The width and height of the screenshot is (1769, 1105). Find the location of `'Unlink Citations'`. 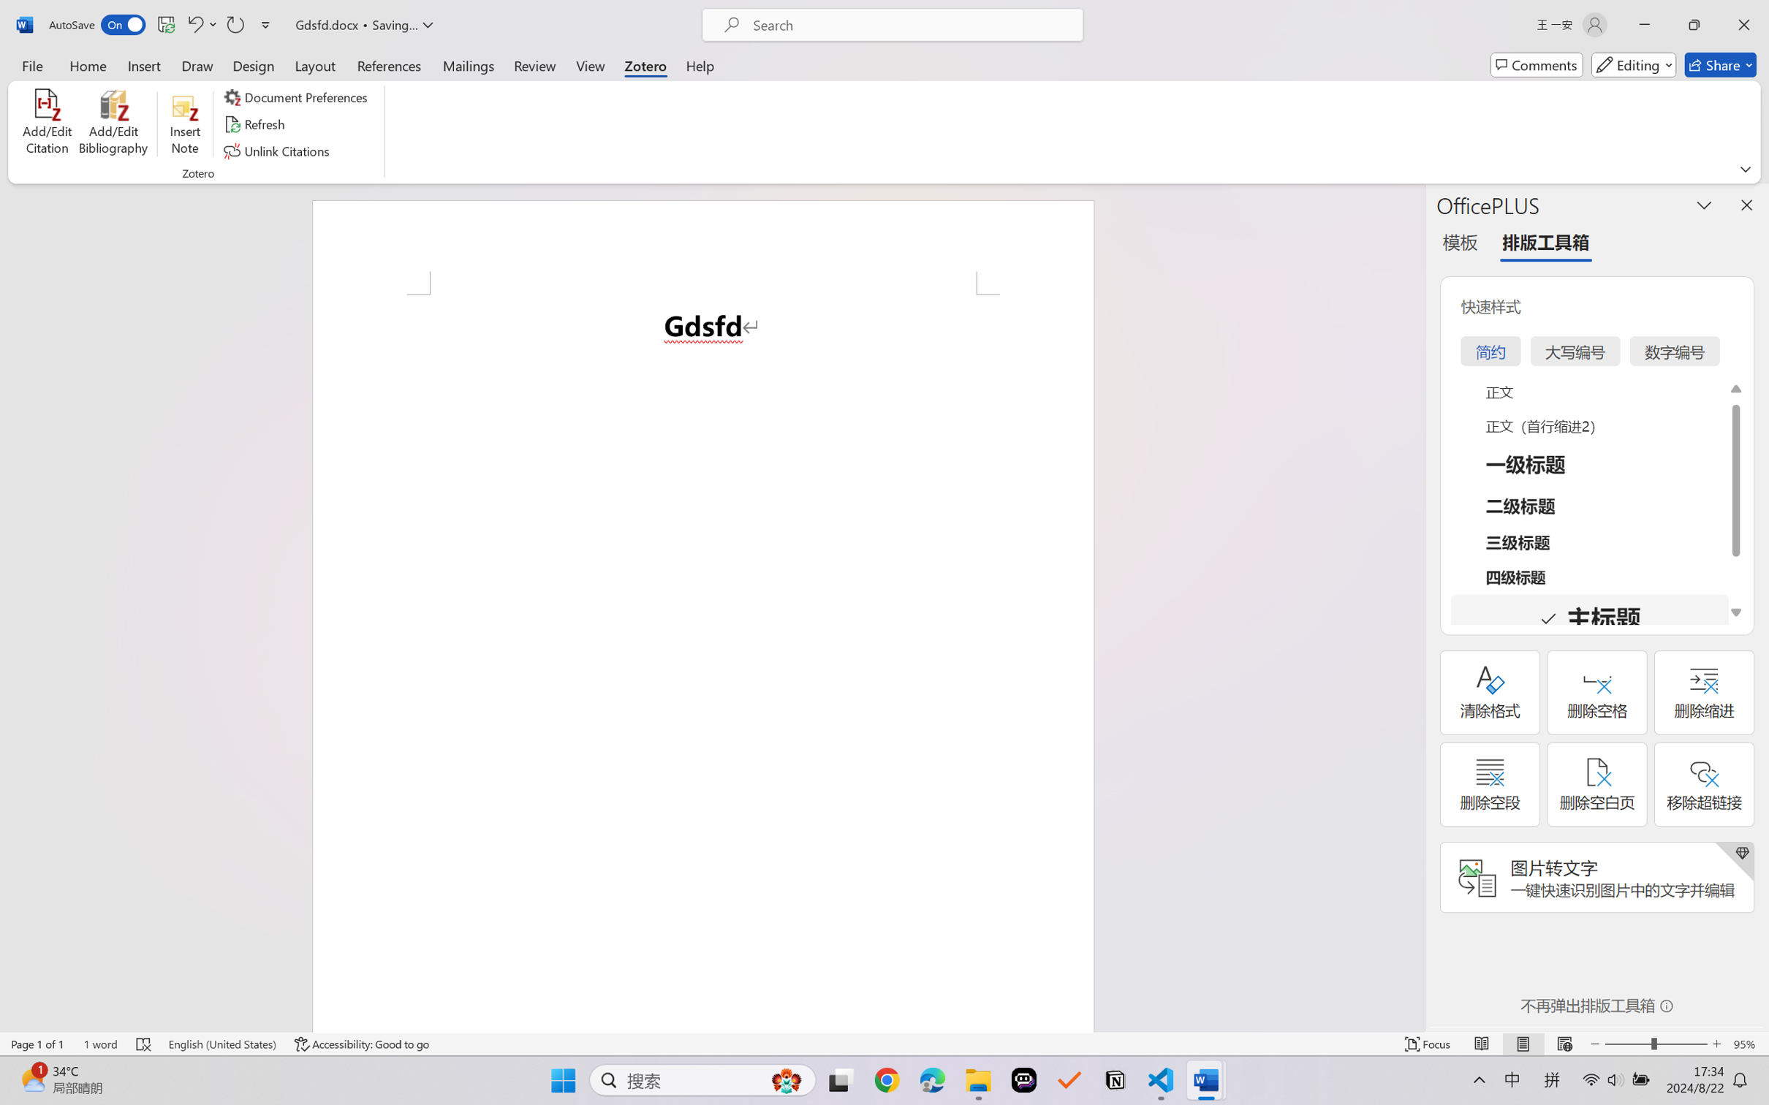

'Unlink Citations' is located at coordinates (278, 151).